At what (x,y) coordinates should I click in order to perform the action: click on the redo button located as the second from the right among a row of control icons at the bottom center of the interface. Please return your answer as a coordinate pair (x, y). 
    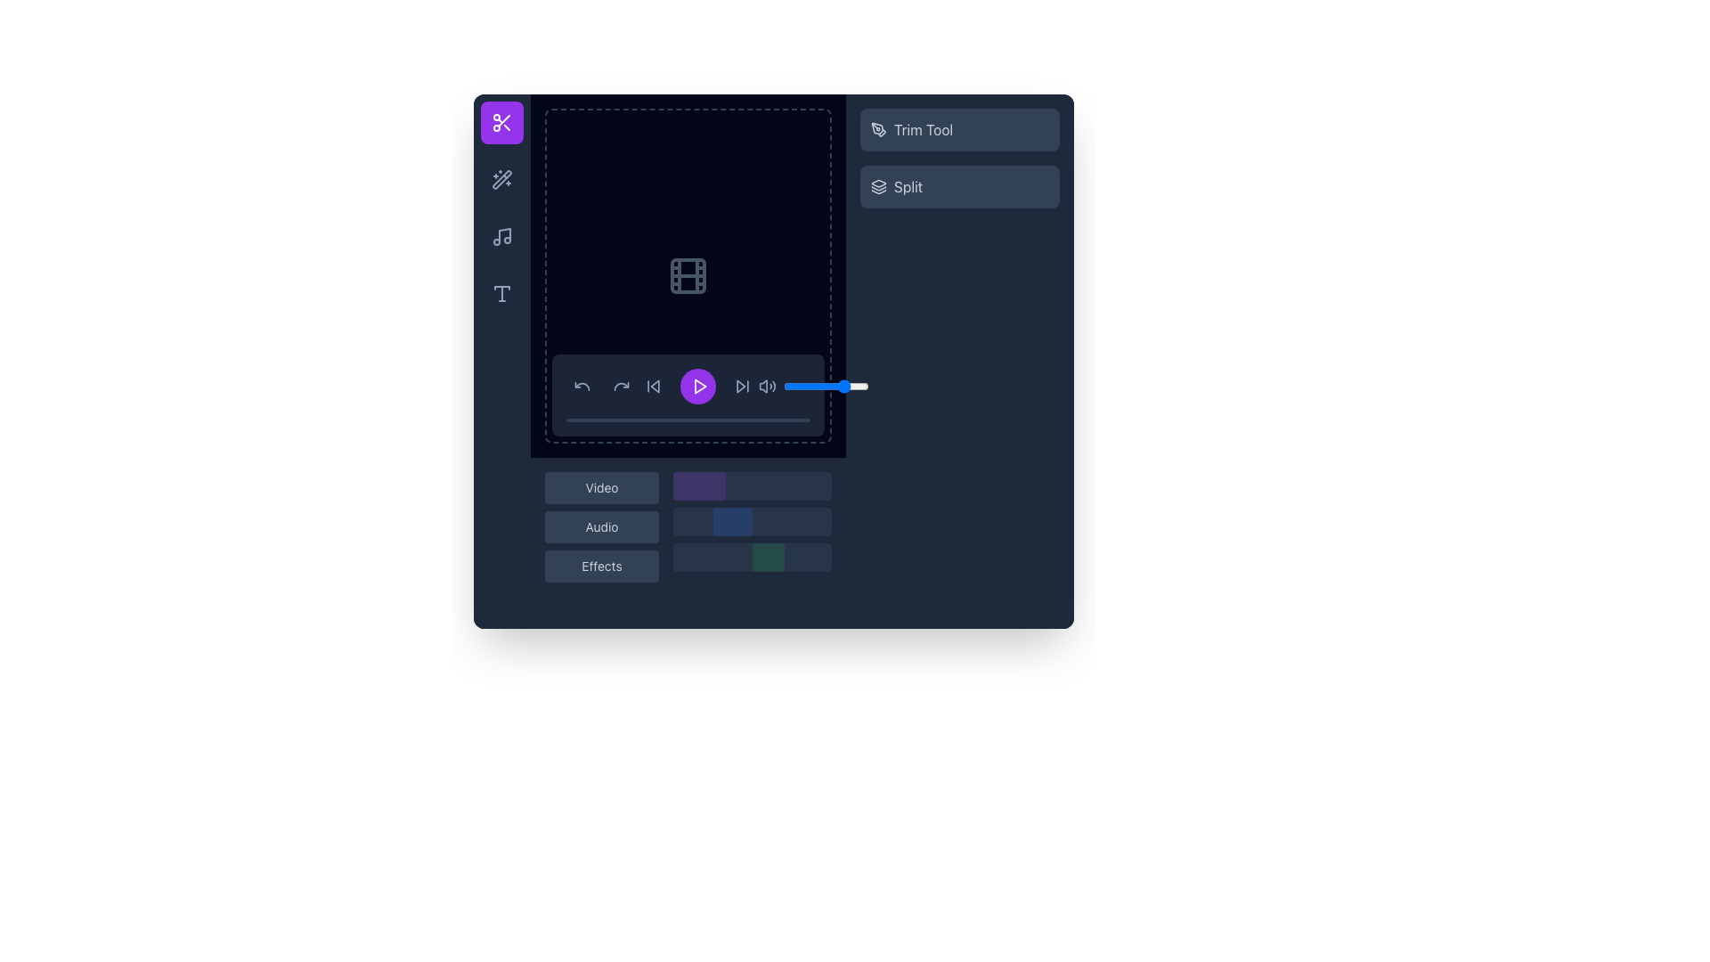
    Looking at the image, I should click on (621, 386).